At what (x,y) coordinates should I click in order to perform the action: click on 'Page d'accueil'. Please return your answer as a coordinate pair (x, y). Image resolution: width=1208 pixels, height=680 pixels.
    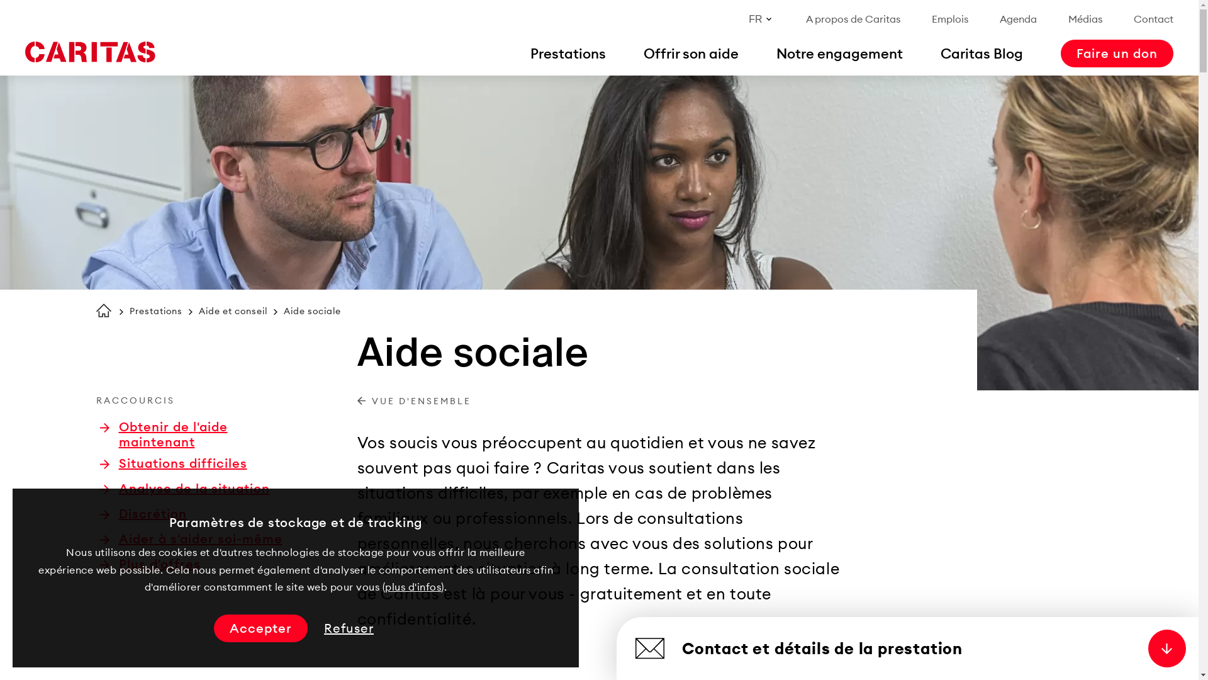
    Looking at the image, I should click on (103, 310).